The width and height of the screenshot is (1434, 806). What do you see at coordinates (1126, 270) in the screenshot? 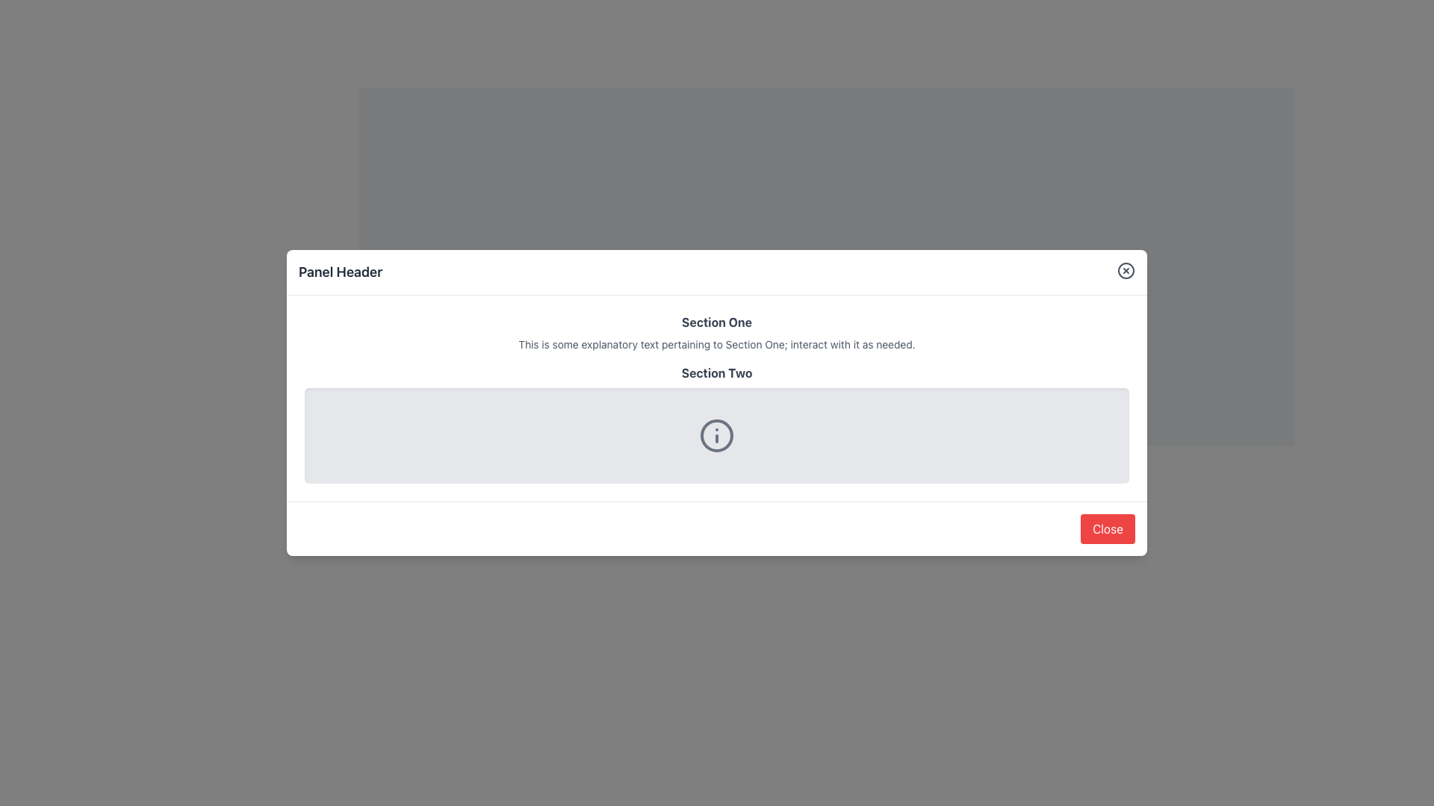
I see `the circular close button with an 'x' symbol located at the top-right of the panel header` at bounding box center [1126, 270].